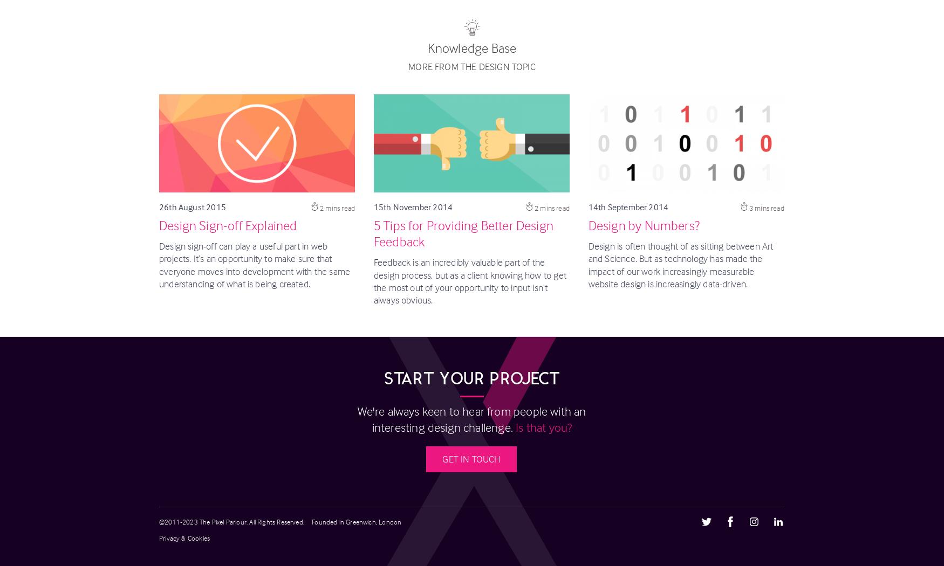 The image size is (944, 566). Describe the element at coordinates (588, 206) in the screenshot. I see `'14th September 2014'` at that location.